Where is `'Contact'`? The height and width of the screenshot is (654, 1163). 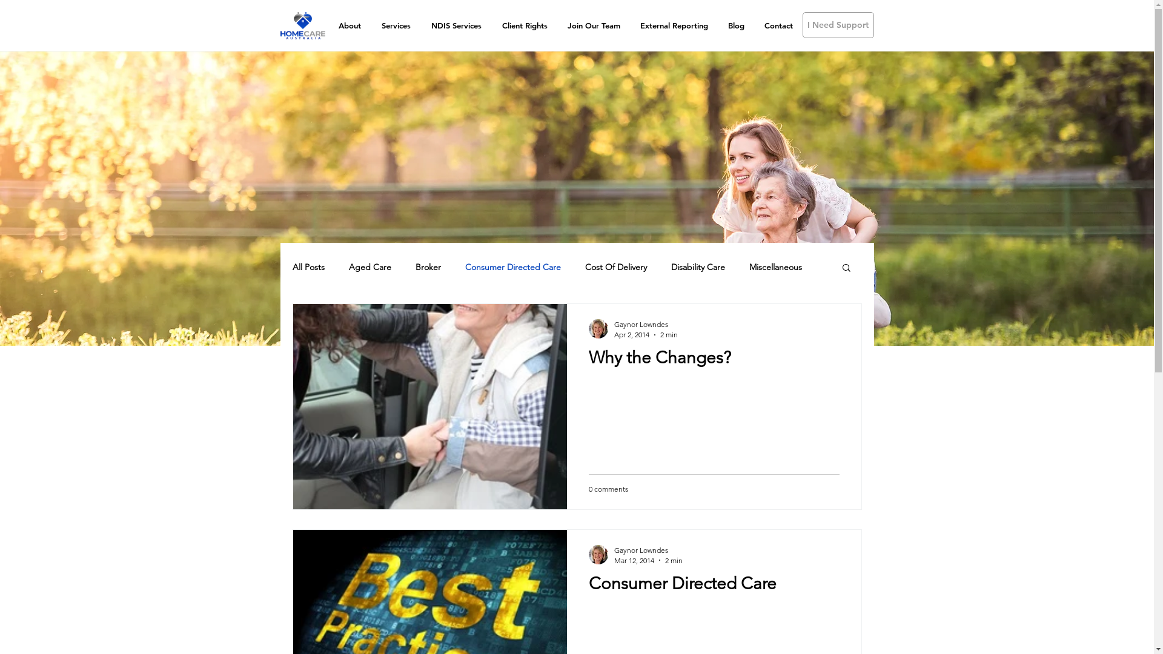 'Contact' is located at coordinates (754, 25).